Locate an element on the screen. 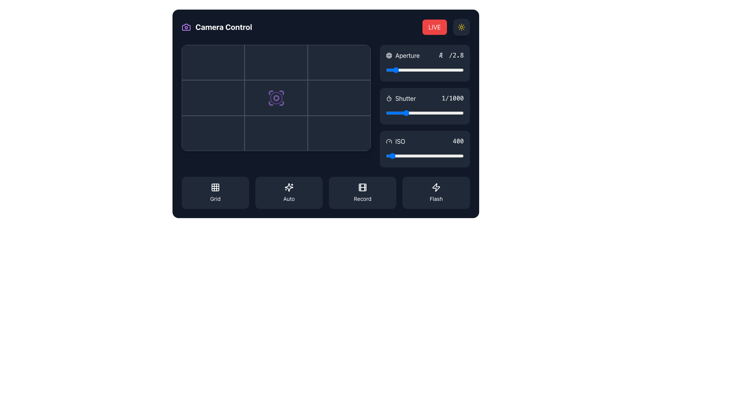 The image size is (736, 414). the 'ISO' label with gauge icon located on the right side of the control panel, which is positioned before the numeric value '400' is located at coordinates (396, 141).